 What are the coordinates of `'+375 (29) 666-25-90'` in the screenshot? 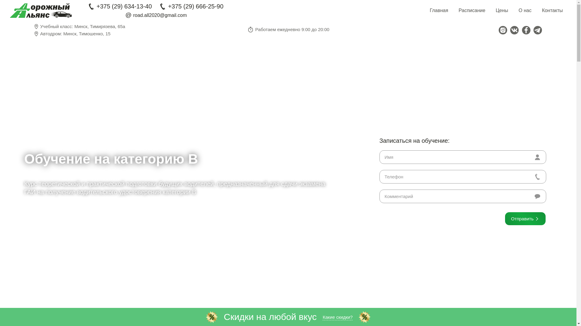 It's located at (191, 6).